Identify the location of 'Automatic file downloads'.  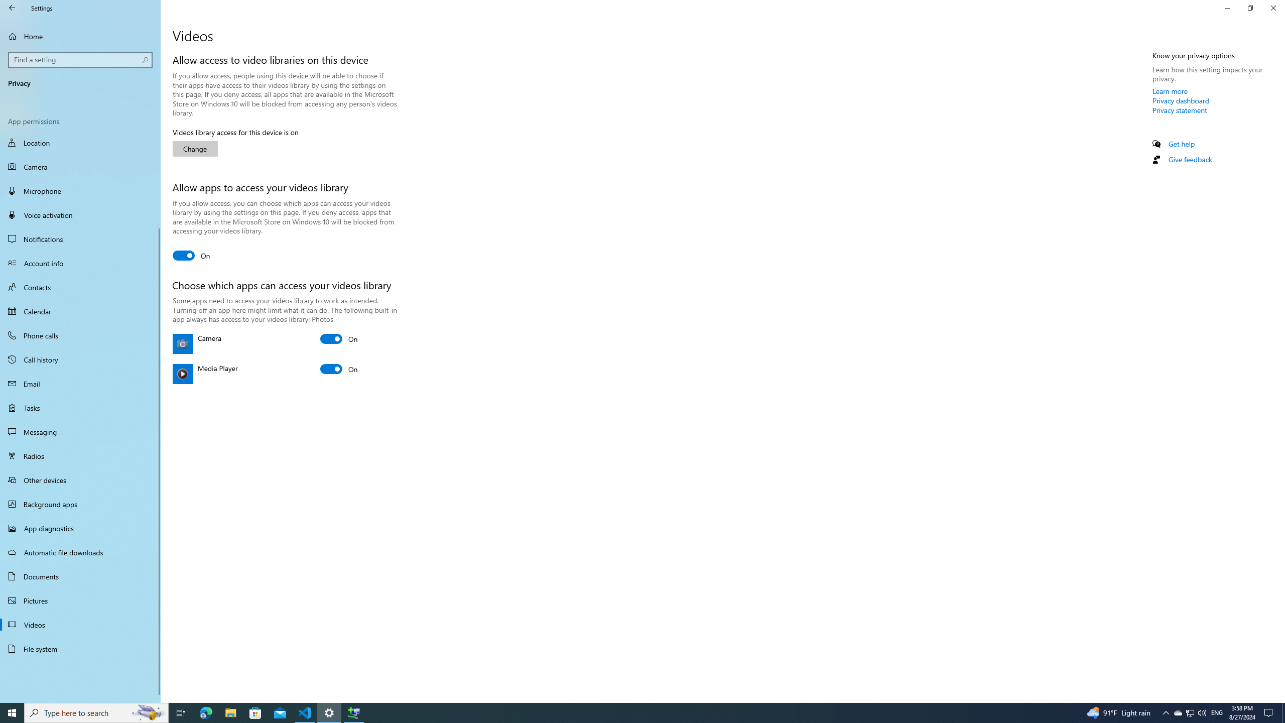
(80, 552).